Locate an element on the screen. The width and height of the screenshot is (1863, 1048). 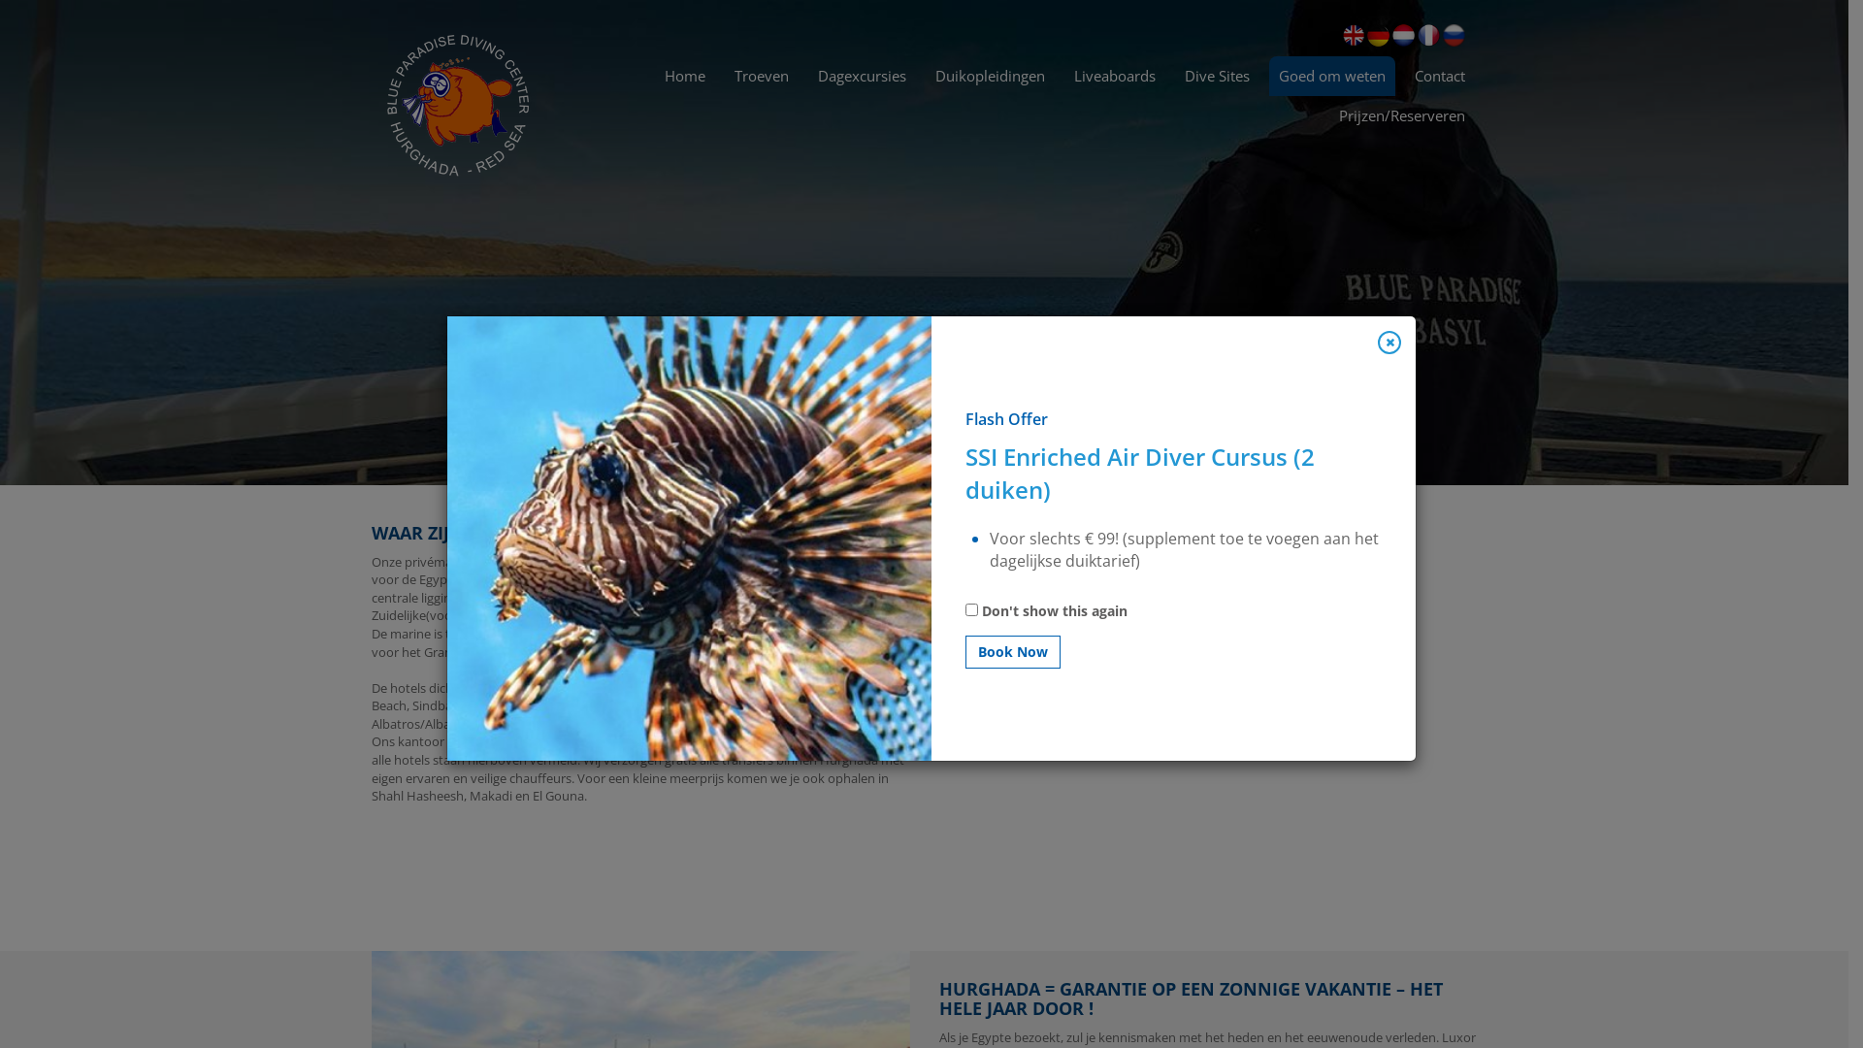
'Troeven' is located at coordinates (724, 75).